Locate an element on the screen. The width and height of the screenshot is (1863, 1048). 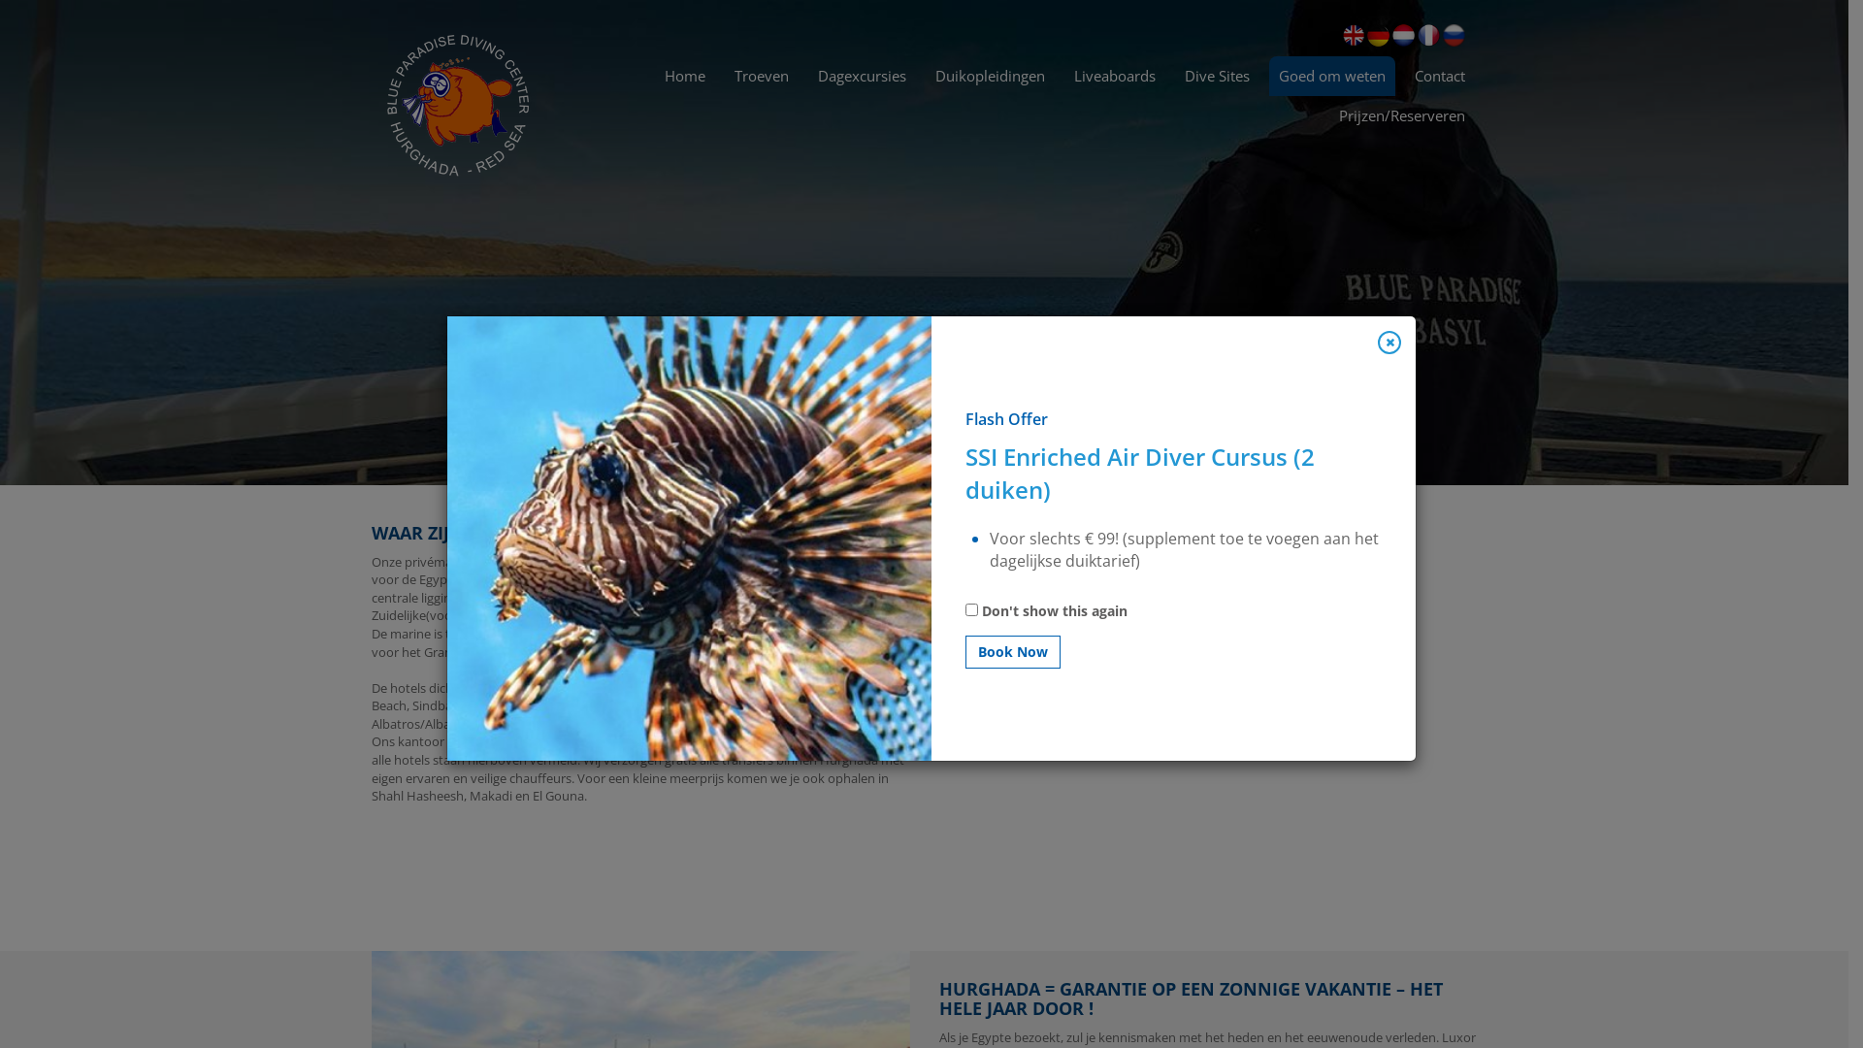
'Troeven' is located at coordinates (724, 75).